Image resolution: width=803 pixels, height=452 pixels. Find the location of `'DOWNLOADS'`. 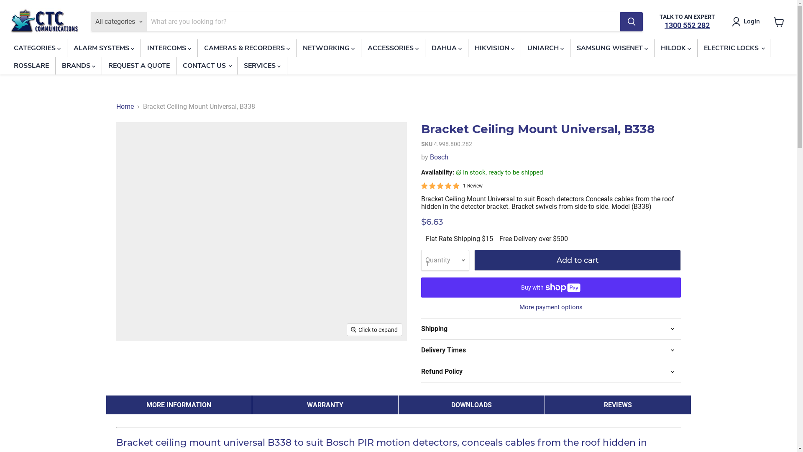

'DOWNLOADS' is located at coordinates (472, 404).